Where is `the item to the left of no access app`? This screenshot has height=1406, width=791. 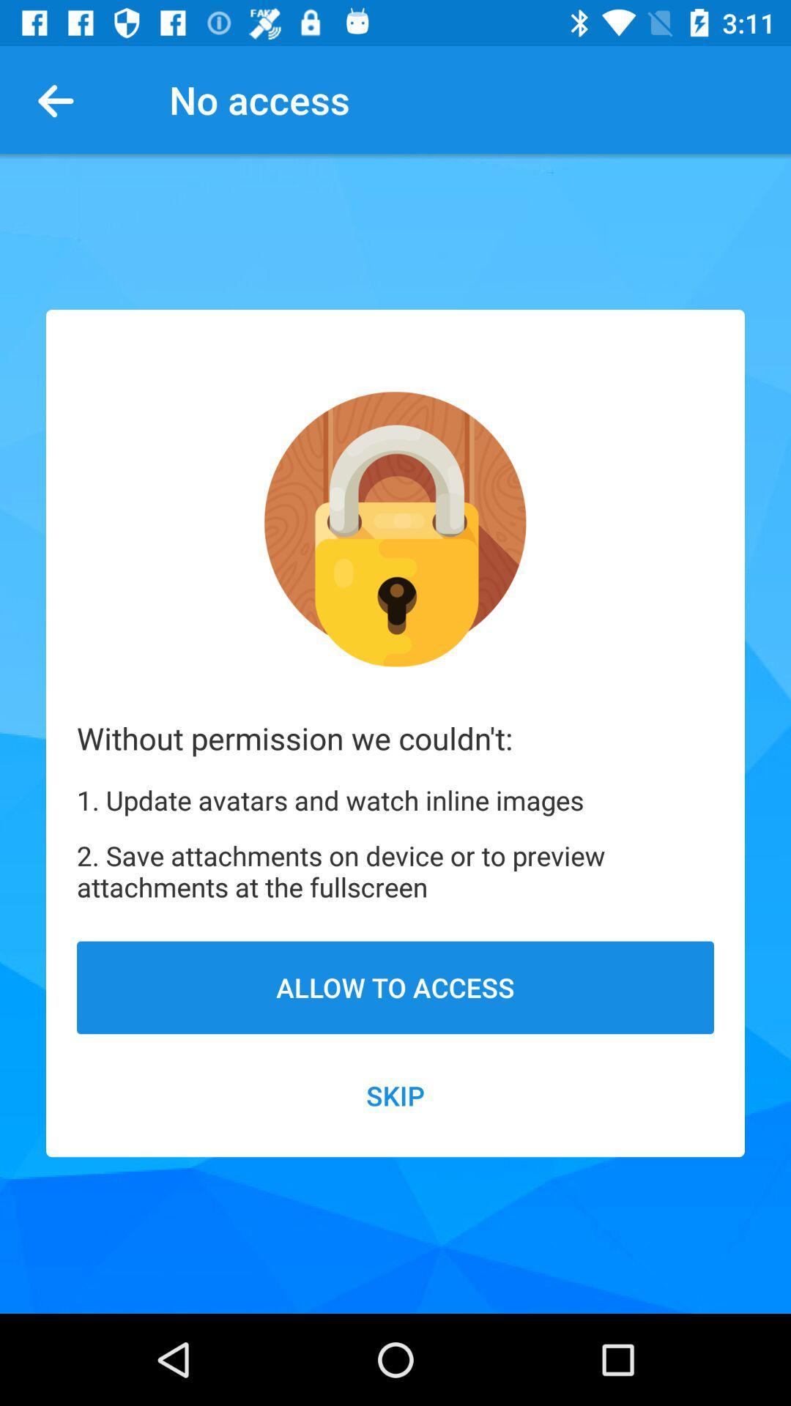
the item to the left of no access app is located at coordinates (61, 99).